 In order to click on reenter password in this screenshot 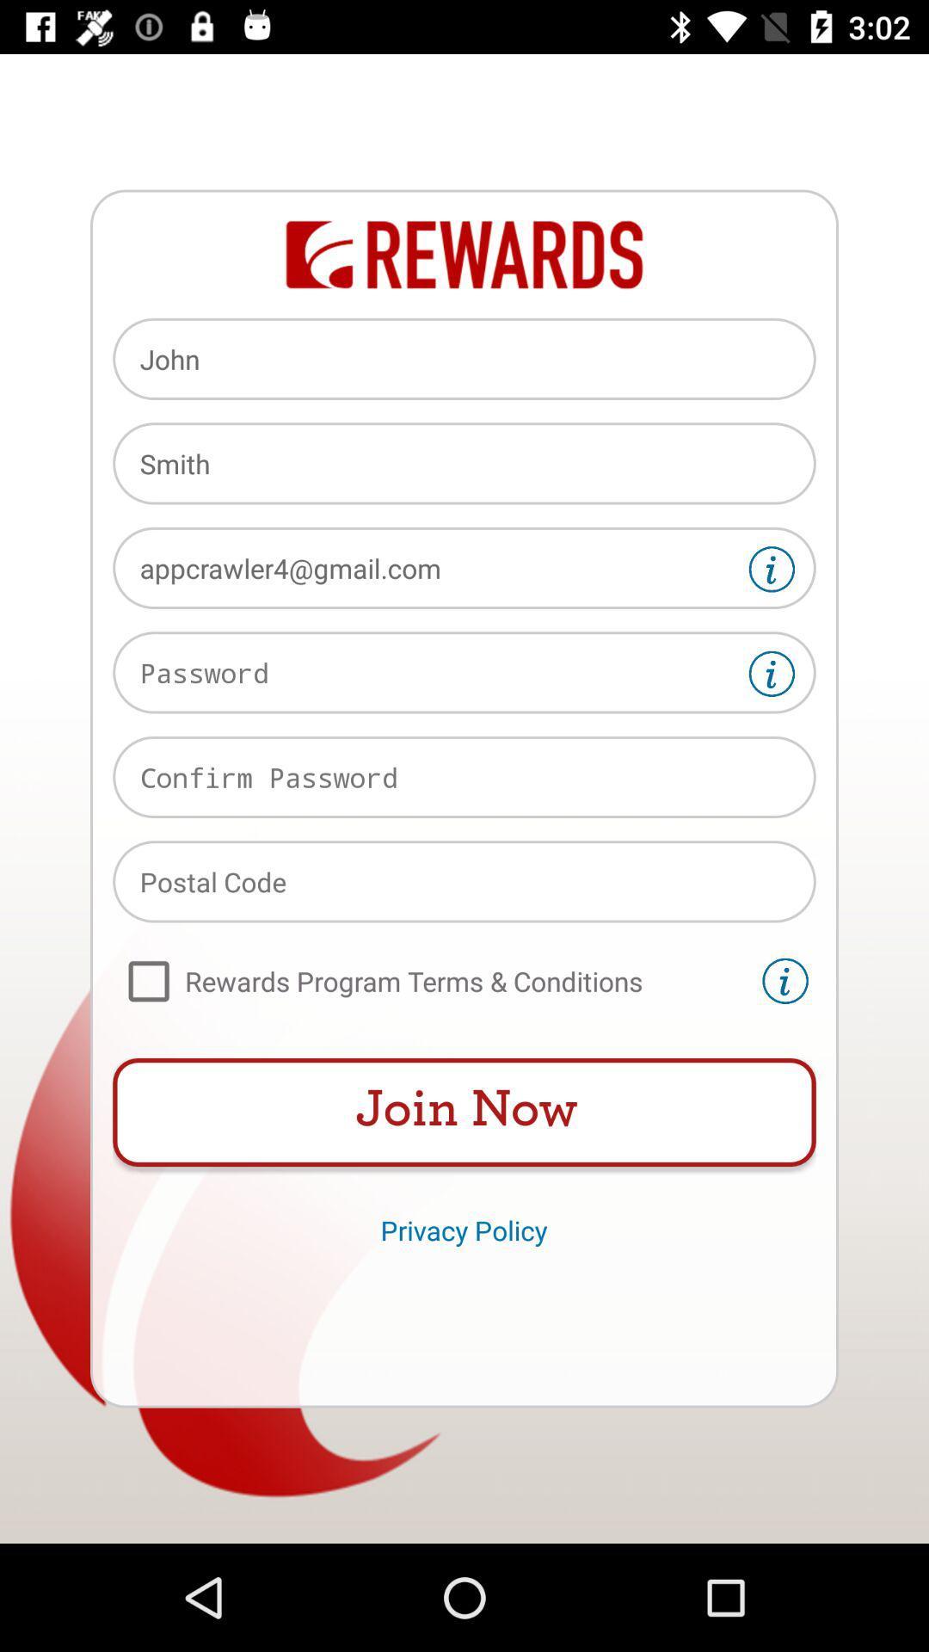, I will do `click(464, 776)`.